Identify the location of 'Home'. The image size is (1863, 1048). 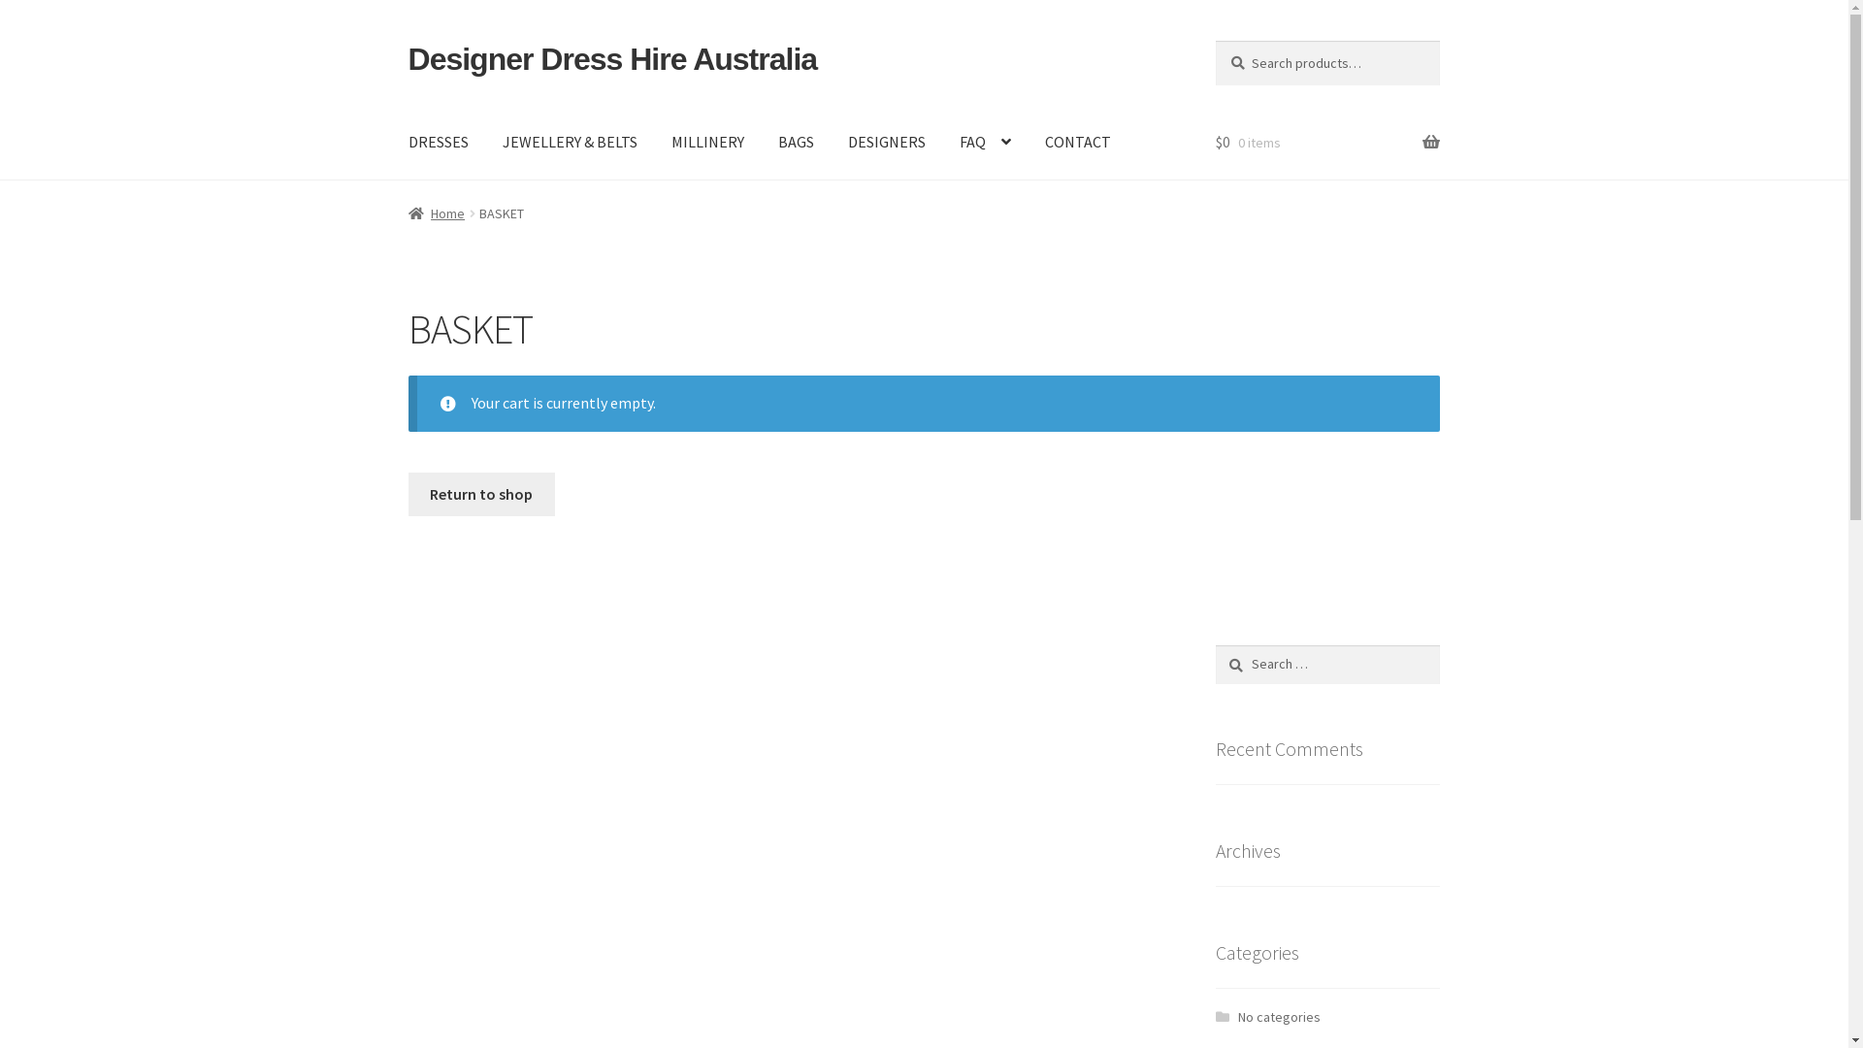
(408, 213).